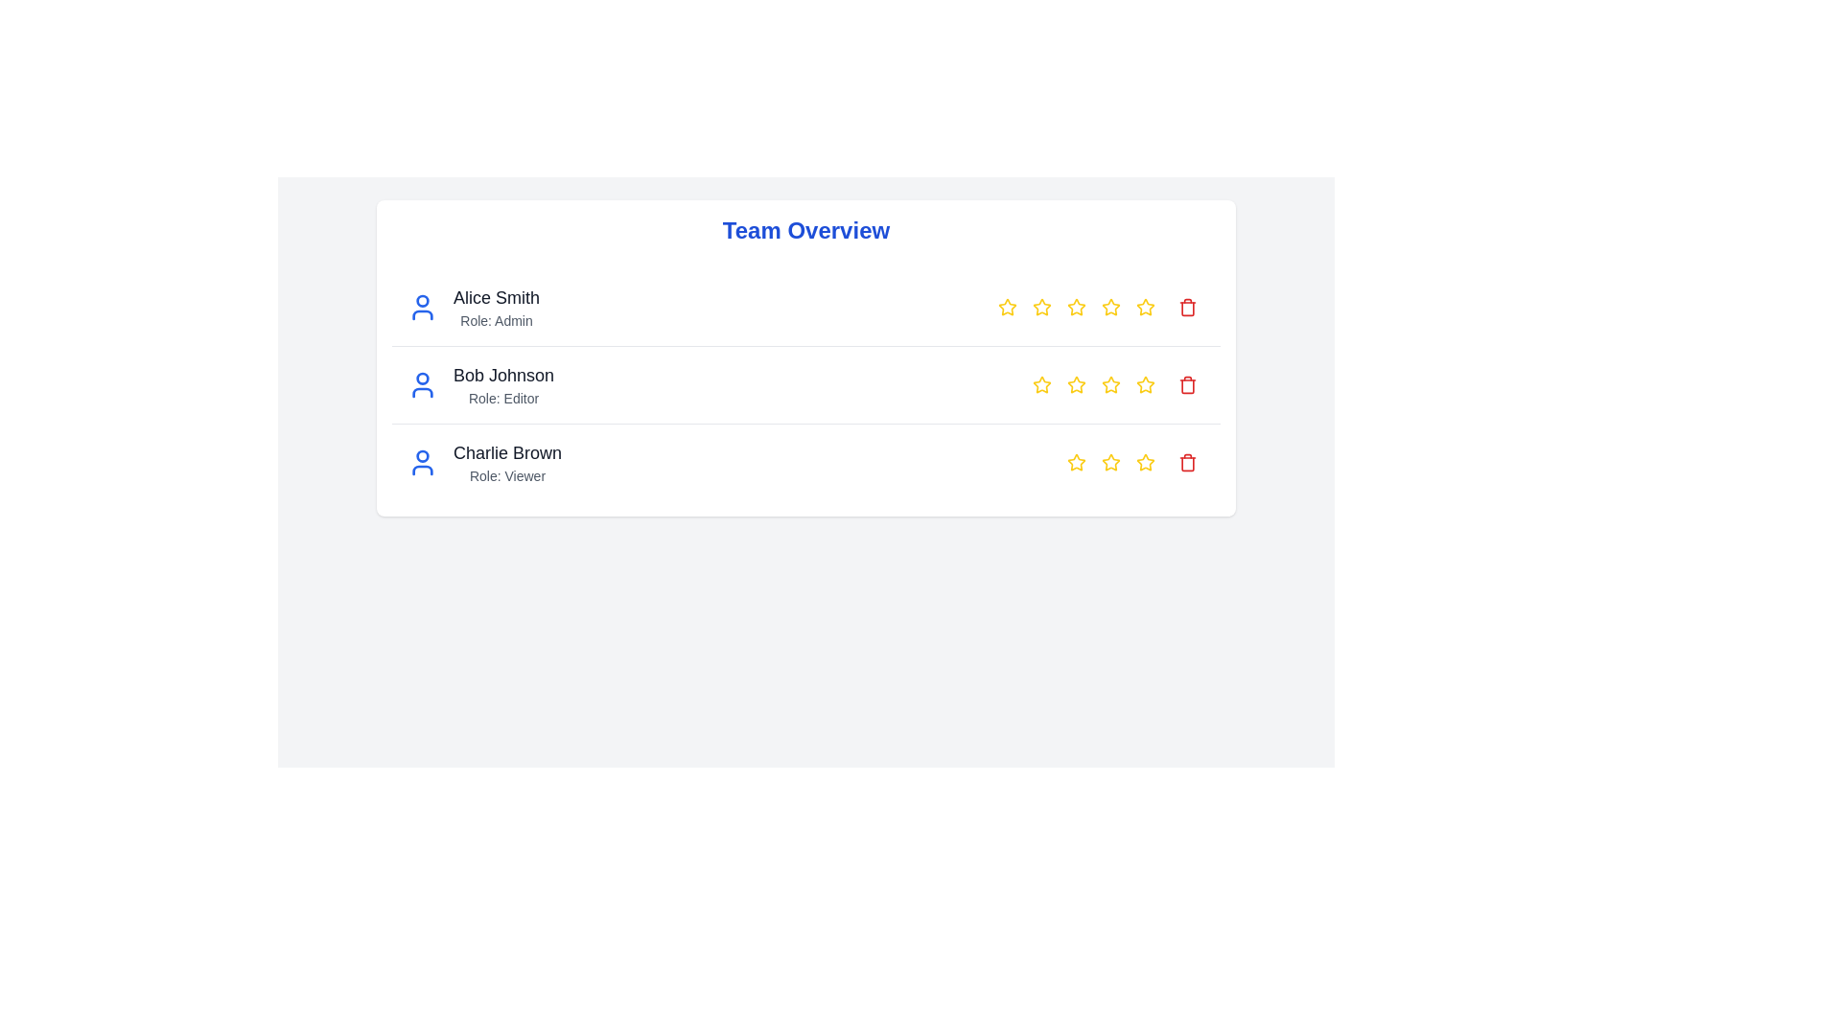  What do you see at coordinates (497, 306) in the screenshot?
I see `text label displaying user information, which shows 'Alice Smith' and 'Role: Admin' in a vertical layout, positioned in the first row of user information cards under 'Team Overview'` at bounding box center [497, 306].